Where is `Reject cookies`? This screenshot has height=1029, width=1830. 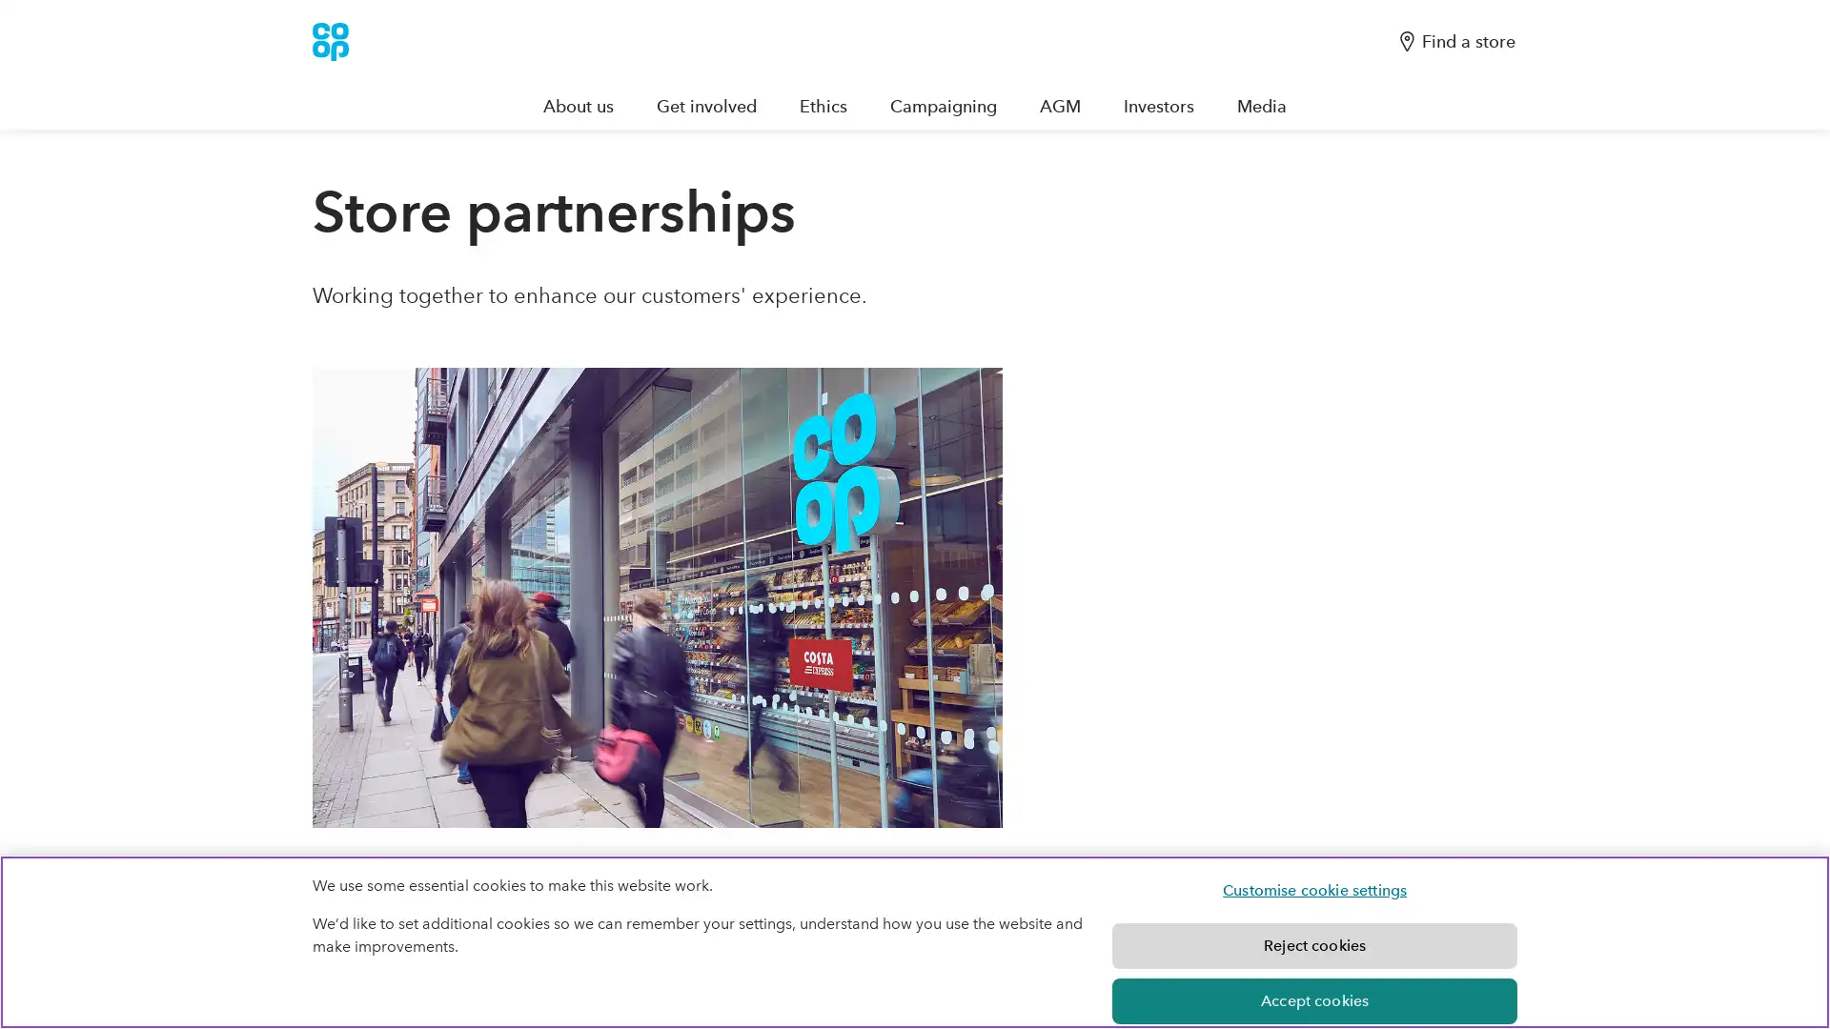 Reject cookies is located at coordinates (1312, 945).